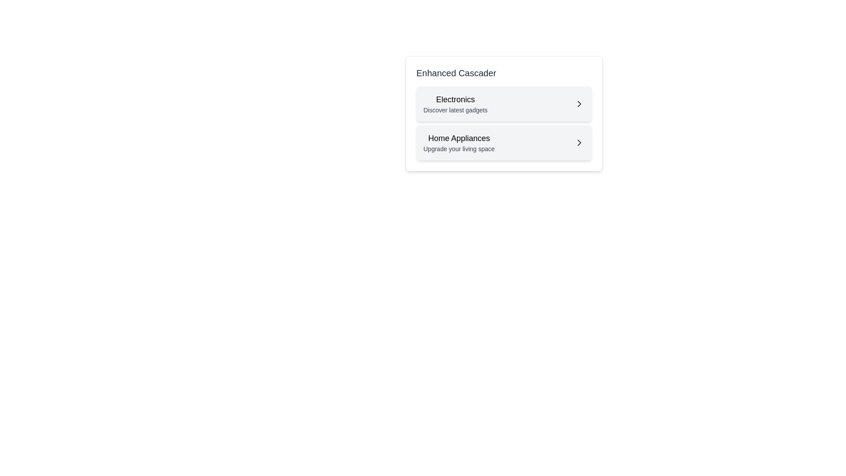 The image size is (846, 476). I want to click on the 'Home Appliances' label, which is prominently displayed in bold text on a light background, located in the second row of the 'Enhanced Cascader' section, directly below 'Electronics', so click(458, 138).